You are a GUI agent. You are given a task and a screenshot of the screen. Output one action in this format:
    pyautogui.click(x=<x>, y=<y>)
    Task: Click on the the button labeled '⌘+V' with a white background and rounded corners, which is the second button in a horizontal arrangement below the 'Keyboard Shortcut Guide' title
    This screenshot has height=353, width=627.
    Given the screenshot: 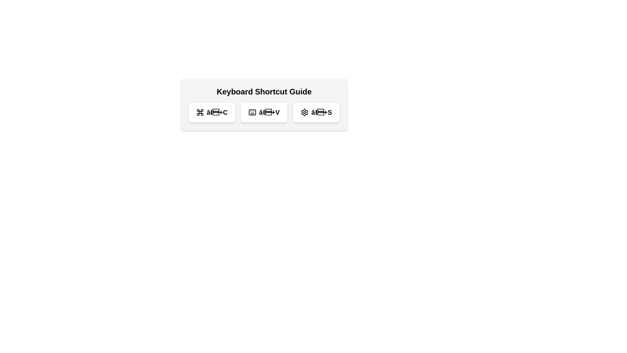 What is the action you would take?
    pyautogui.click(x=264, y=104)
    